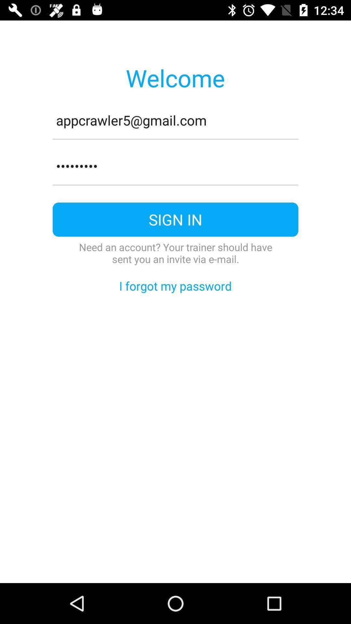  Describe the element at coordinates (175, 286) in the screenshot. I see `i forgot my` at that location.